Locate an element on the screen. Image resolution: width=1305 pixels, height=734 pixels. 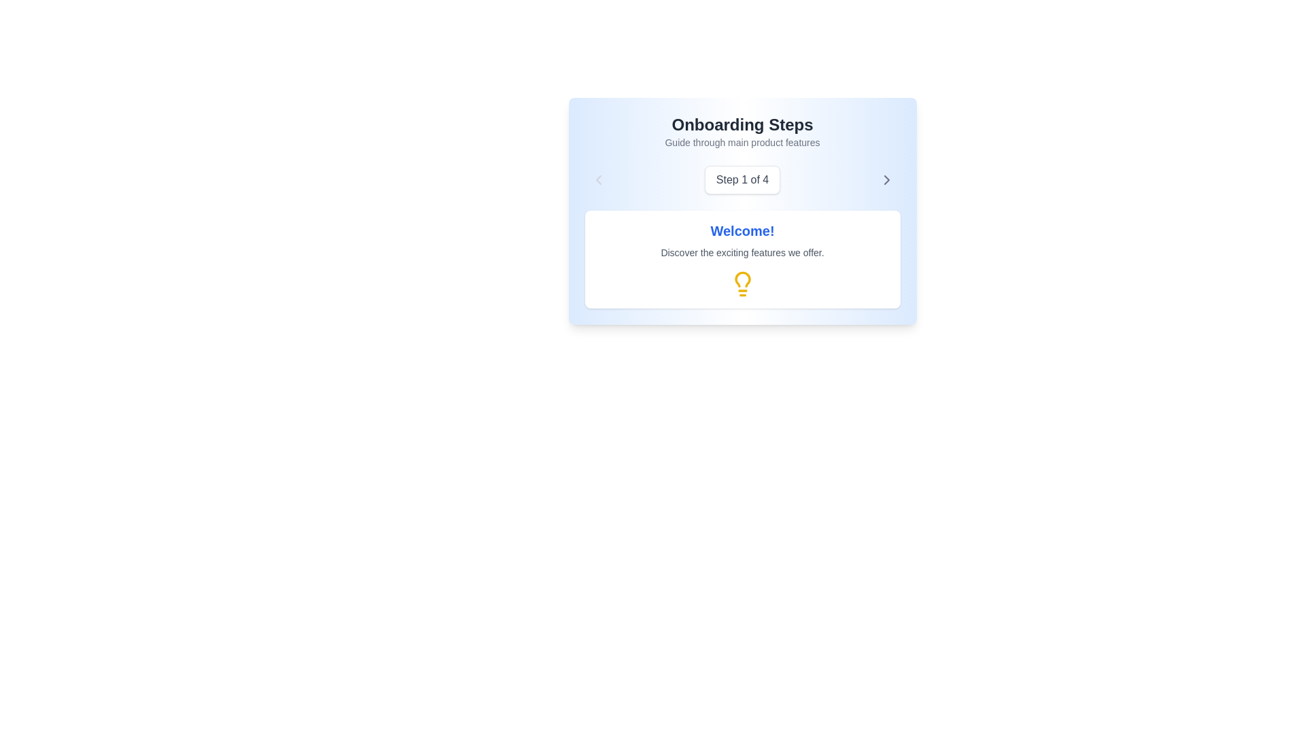
the chevron icon button located in the upper-right corner of the visible interface is located at coordinates (886, 179).